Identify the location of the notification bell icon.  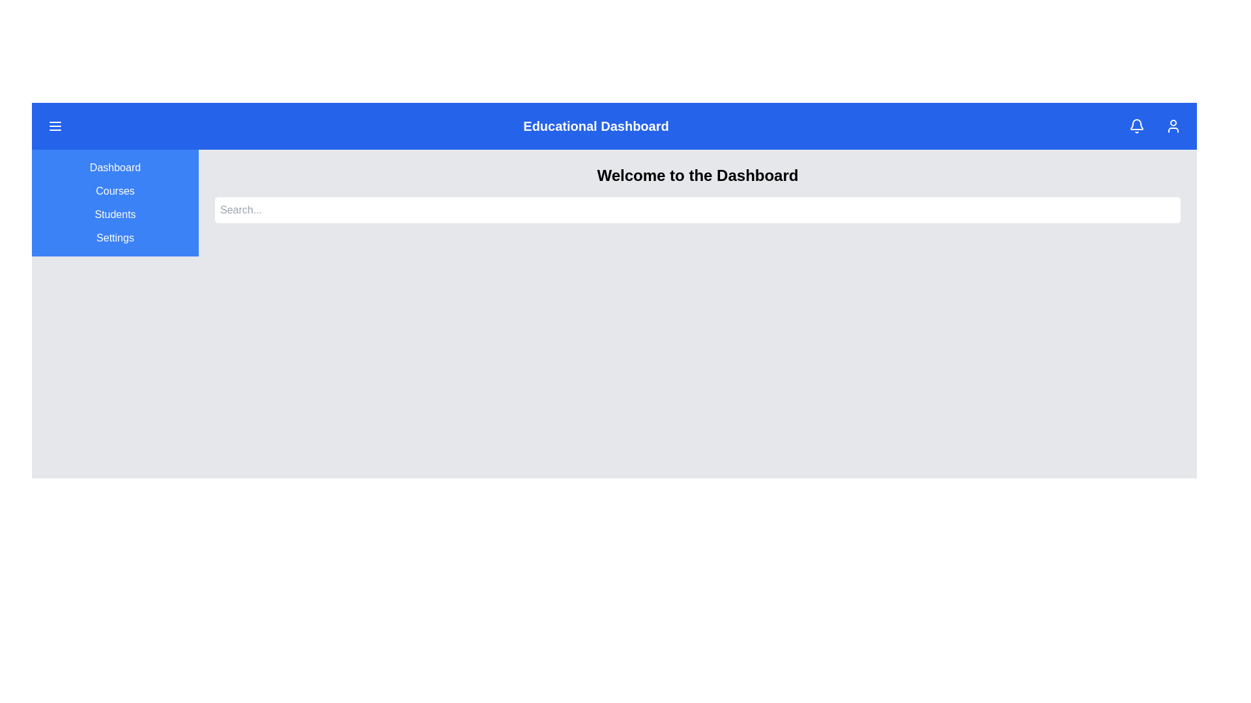
(1136, 126).